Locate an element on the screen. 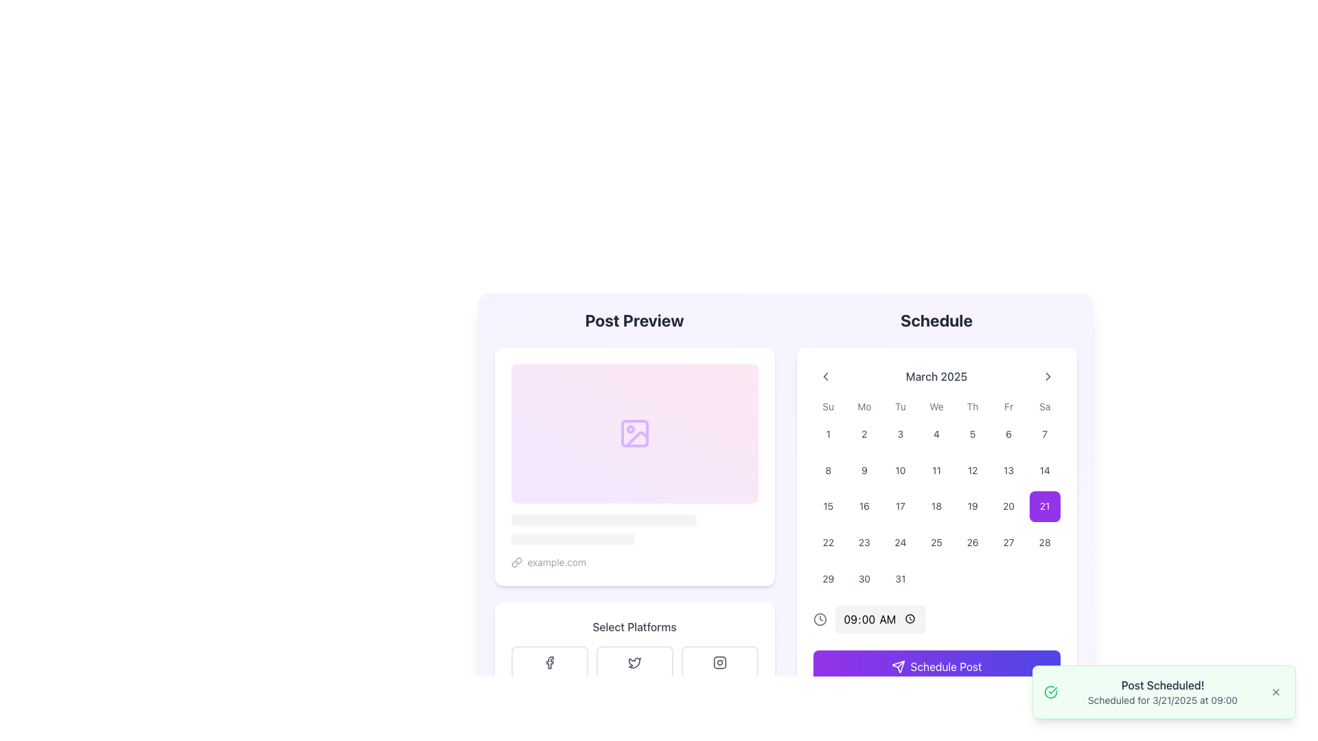 The height and width of the screenshot is (741, 1318). the text label displaying 'example.com' located in the lower-left section of the content card under the 'Post Preview' heading is located at coordinates (557, 562).